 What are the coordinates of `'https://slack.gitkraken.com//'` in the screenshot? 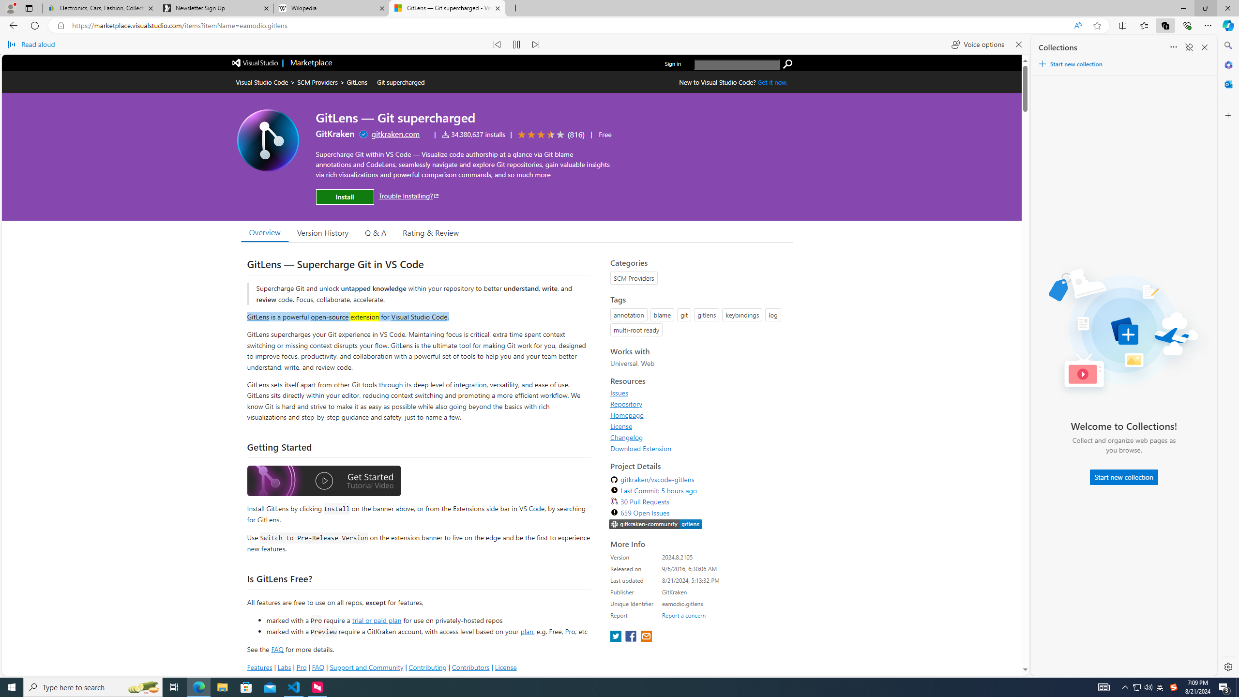 It's located at (655, 525).